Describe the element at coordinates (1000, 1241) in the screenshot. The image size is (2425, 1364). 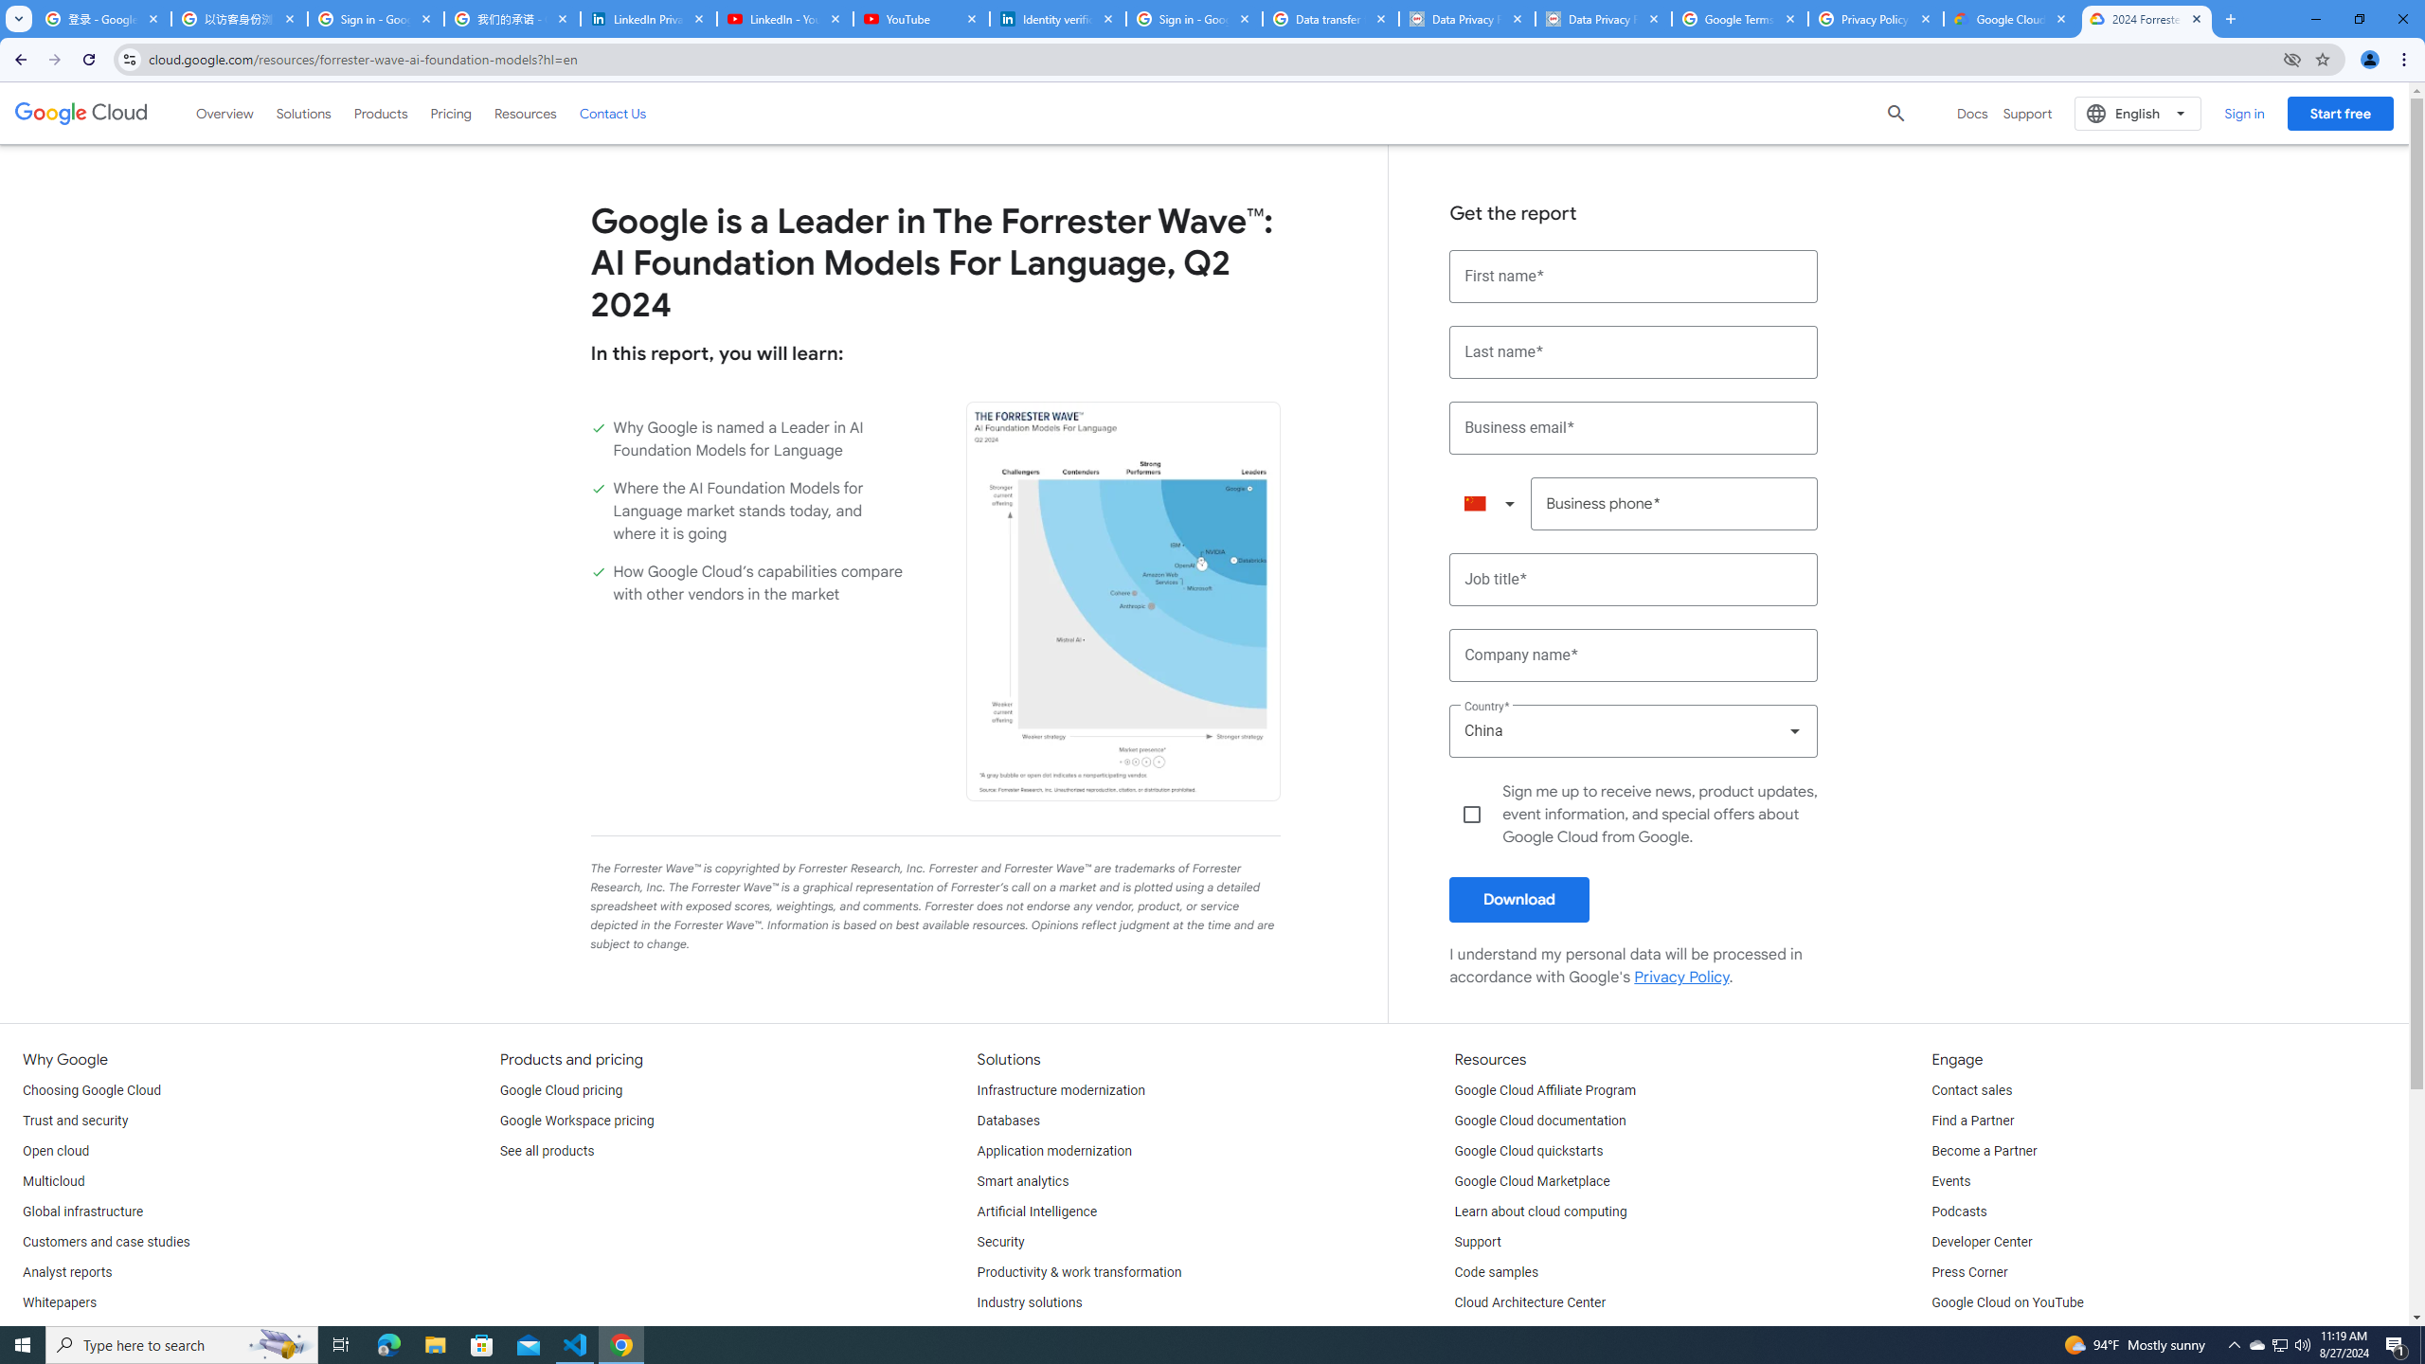
I see `'Security'` at that location.